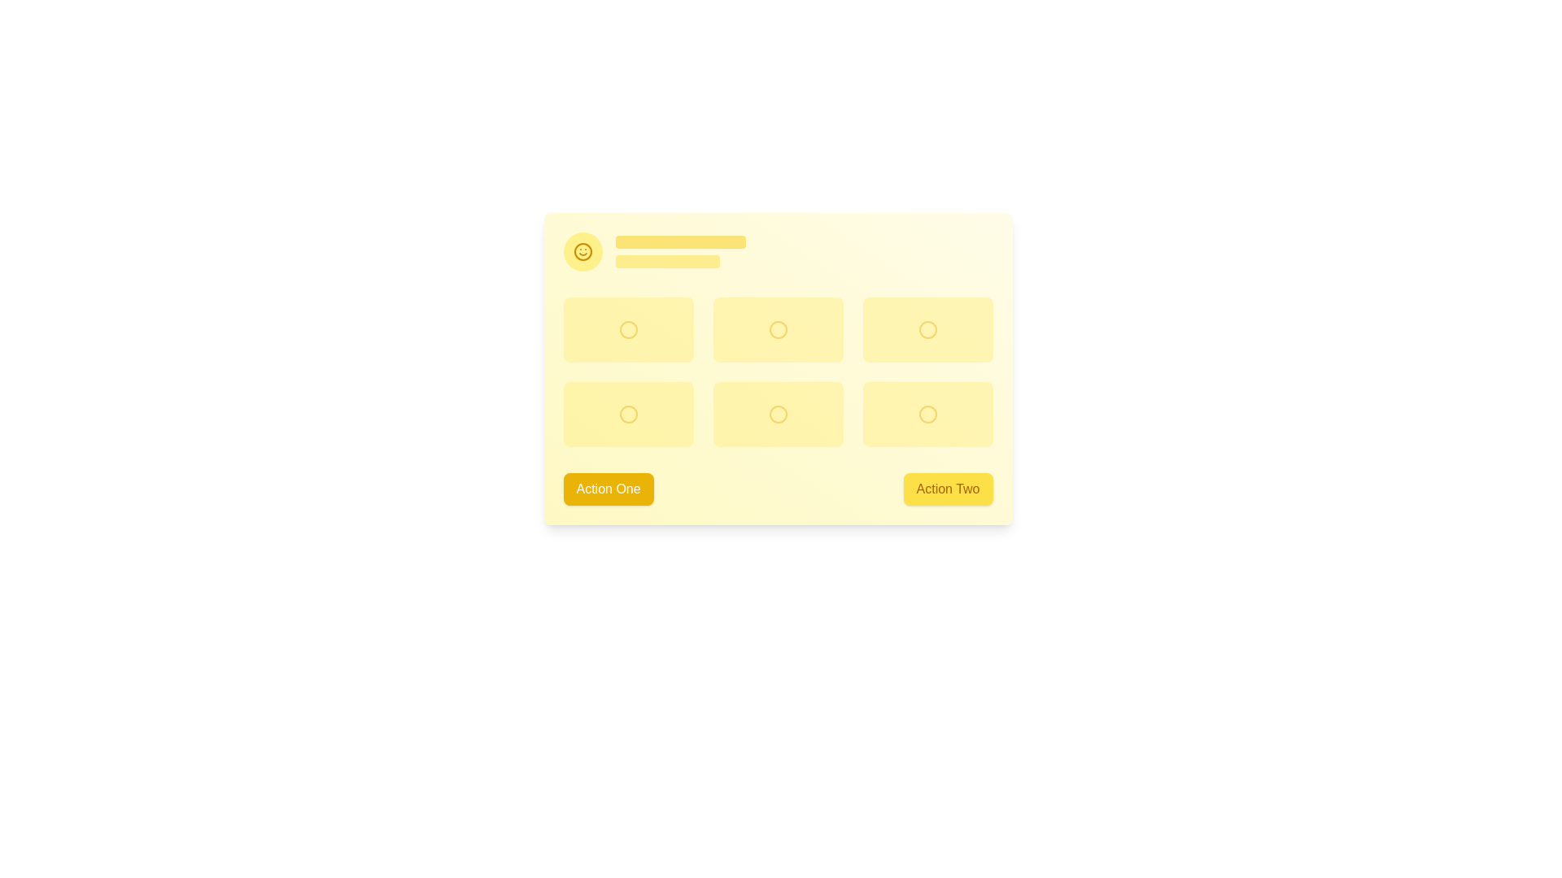 The height and width of the screenshot is (878, 1562). What do you see at coordinates (927, 329) in the screenshot?
I see `the generic UI box or card with a rounded corner and a centered circular icon, located in the third column of the first row of the grid` at bounding box center [927, 329].